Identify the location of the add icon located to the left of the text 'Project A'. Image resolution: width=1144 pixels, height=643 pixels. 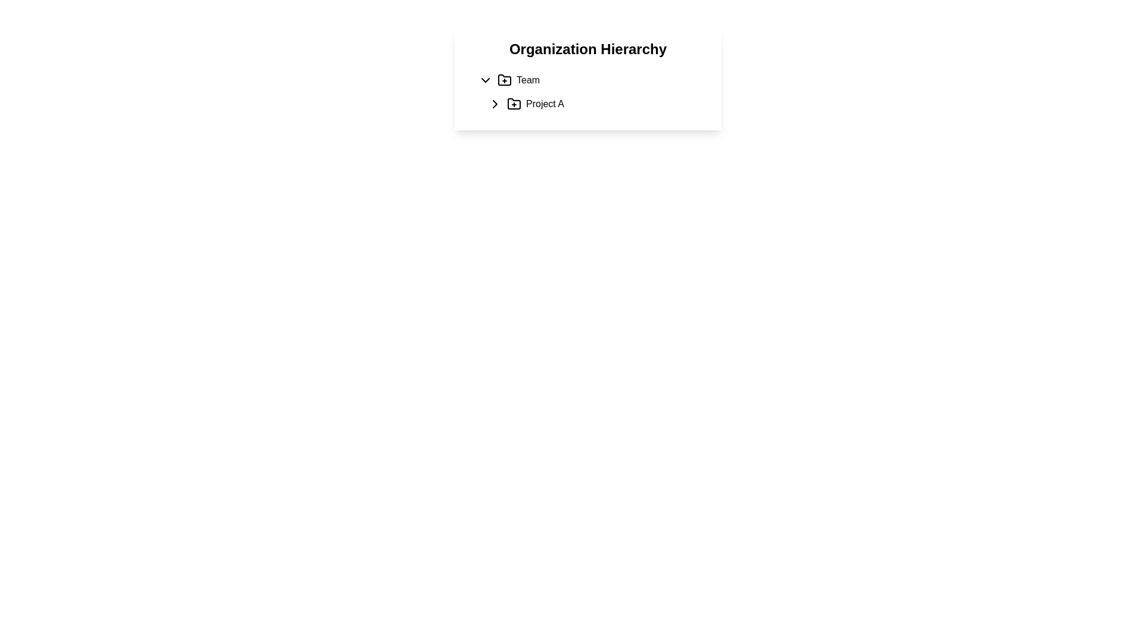
(514, 103).